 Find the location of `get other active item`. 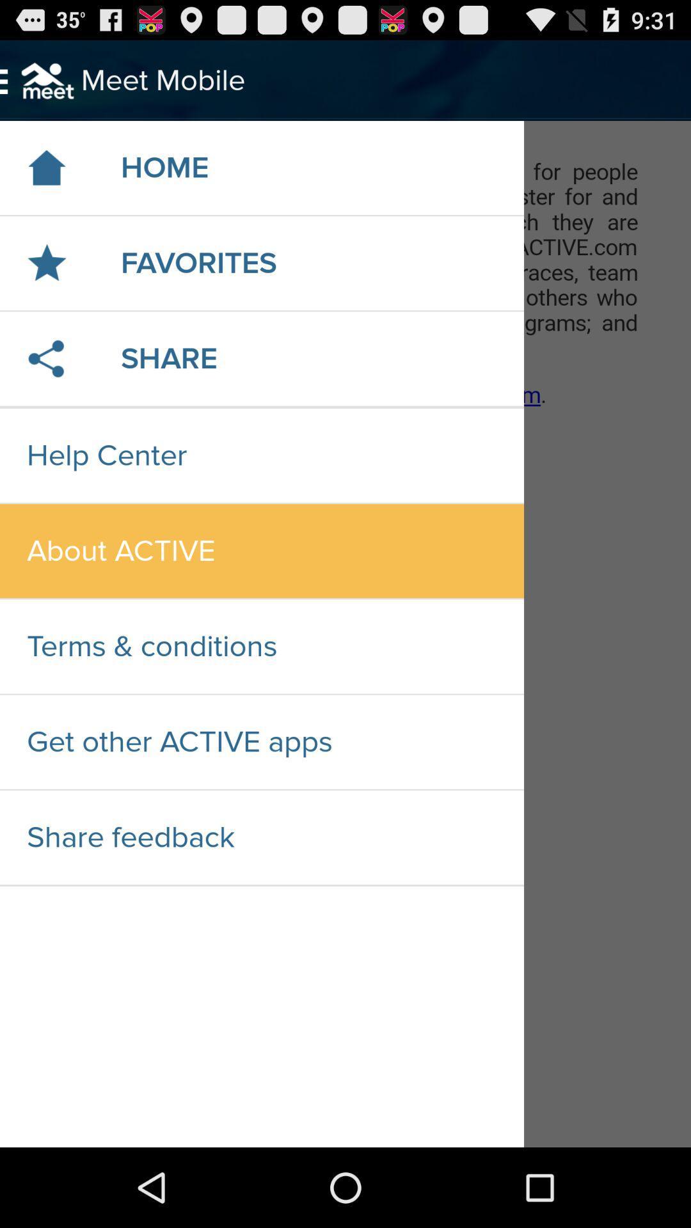

get other active item is located at coordinates (261, 742).